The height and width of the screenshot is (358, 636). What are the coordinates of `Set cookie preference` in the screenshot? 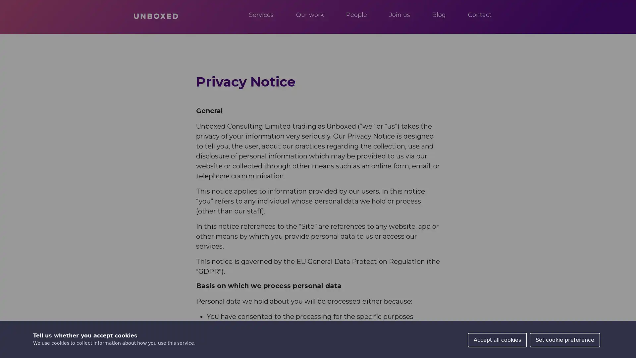 It's located at (564, 340).